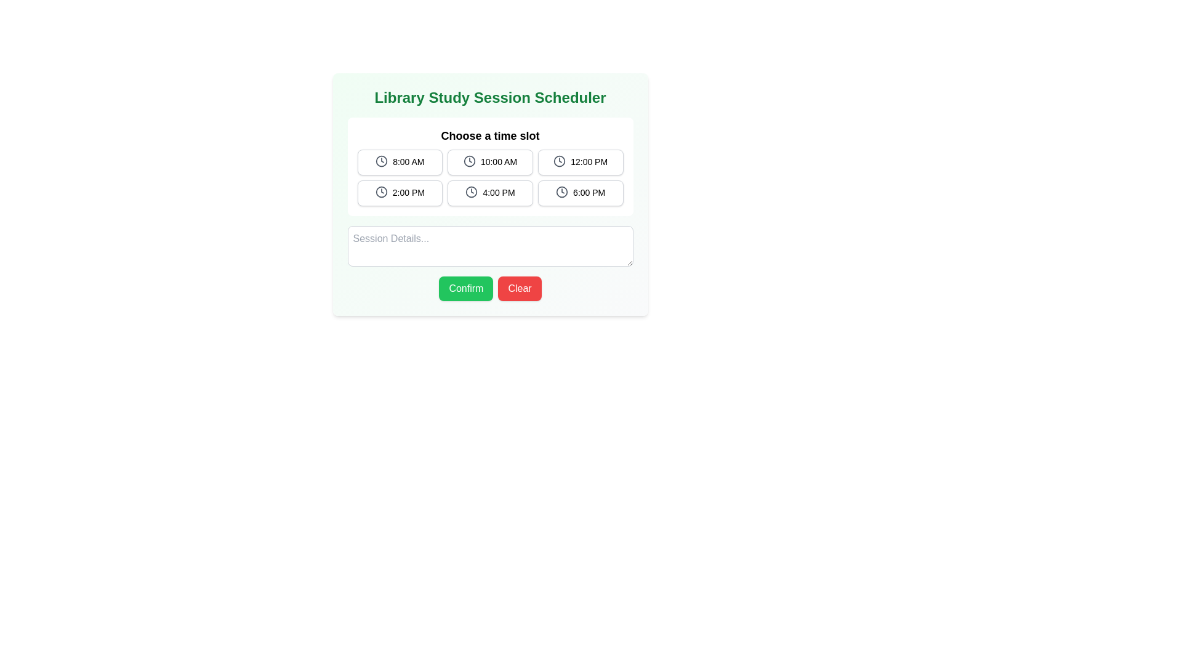 This screenshot has width=1182, height=665. Describe the element at coordinates (561, 192) in the screenshot. I see `the circular graphical component representing the clock's outline within the SVG icon, which is located to the left of the time label for 6:00 PM` at that location.